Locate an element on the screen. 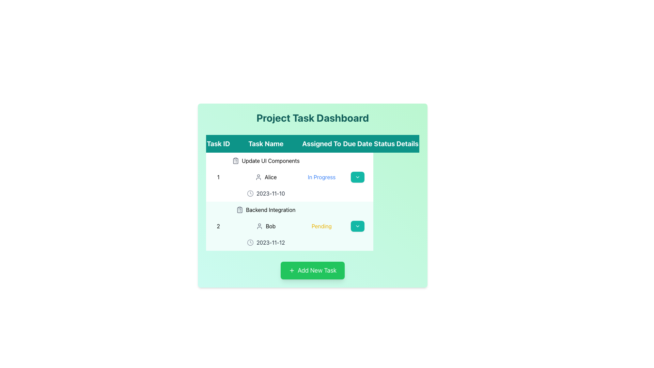  the 'Due Date' header in the table, which is the fourth header located between 'Assigned To' and 'Status' is located at coordinates (357, 143).